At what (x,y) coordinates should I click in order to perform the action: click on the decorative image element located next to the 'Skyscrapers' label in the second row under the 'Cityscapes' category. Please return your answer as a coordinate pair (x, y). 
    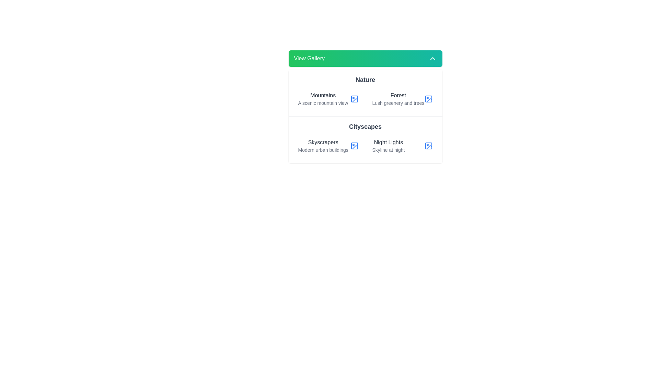
    Looking at the image, I should click on (354, 145).